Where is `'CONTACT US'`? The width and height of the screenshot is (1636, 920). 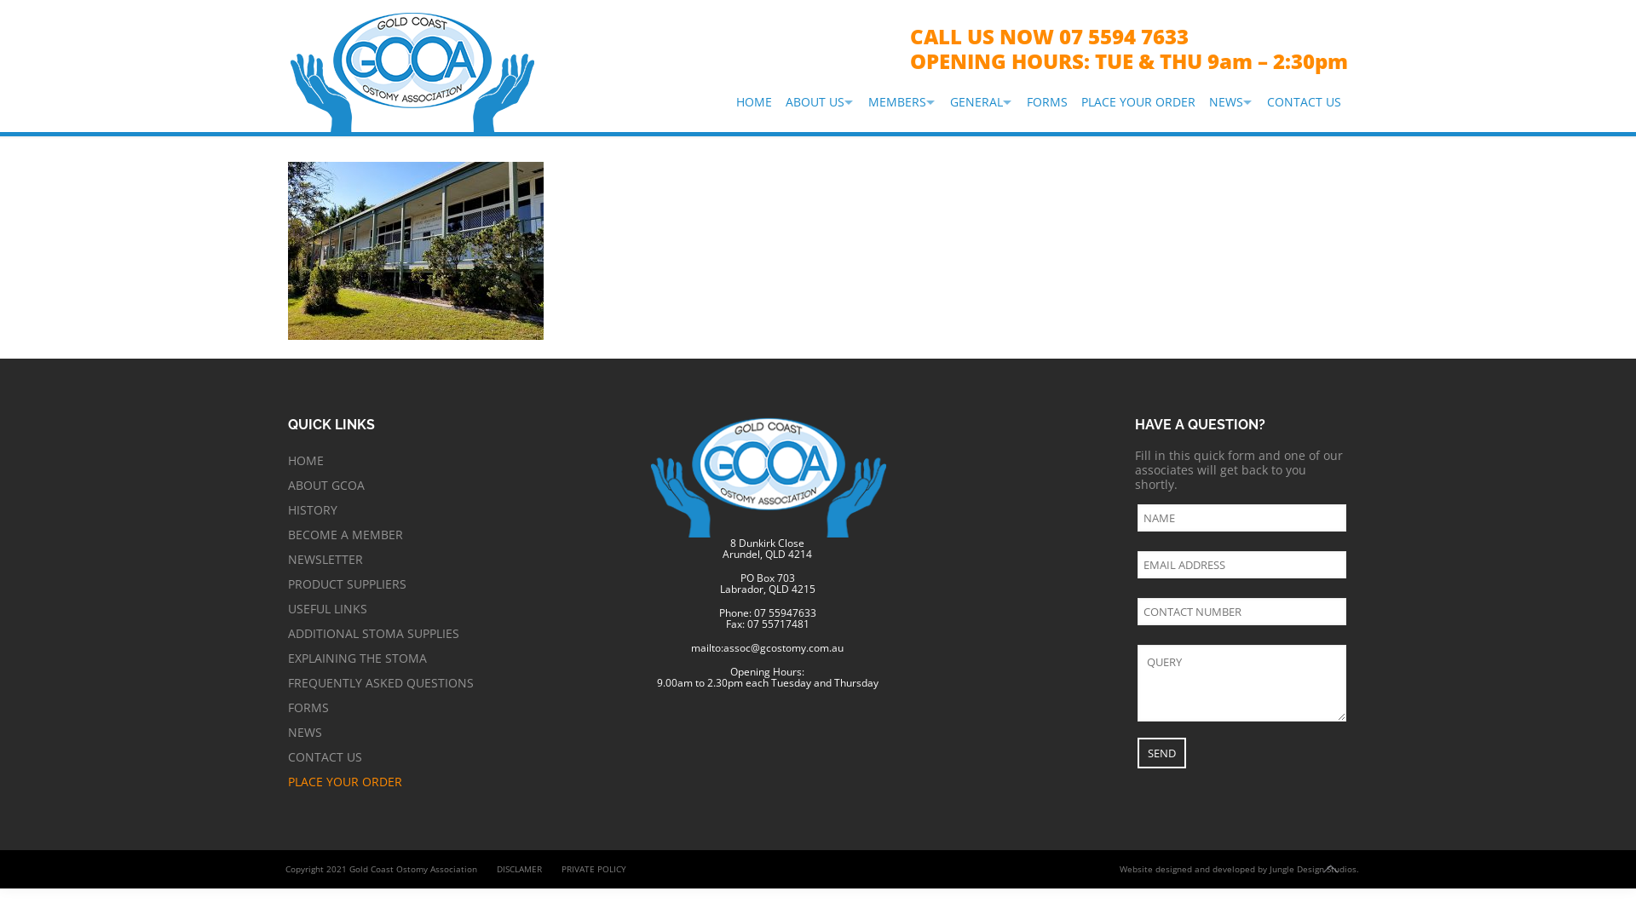 'CONTACT US' is located at coordinates (287, 756).